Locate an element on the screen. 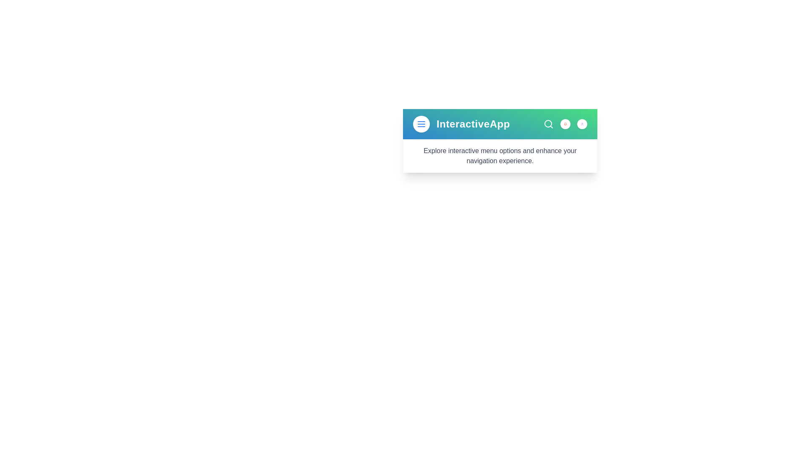  the descriptive text area below the header is located at coordinates (500, 156).